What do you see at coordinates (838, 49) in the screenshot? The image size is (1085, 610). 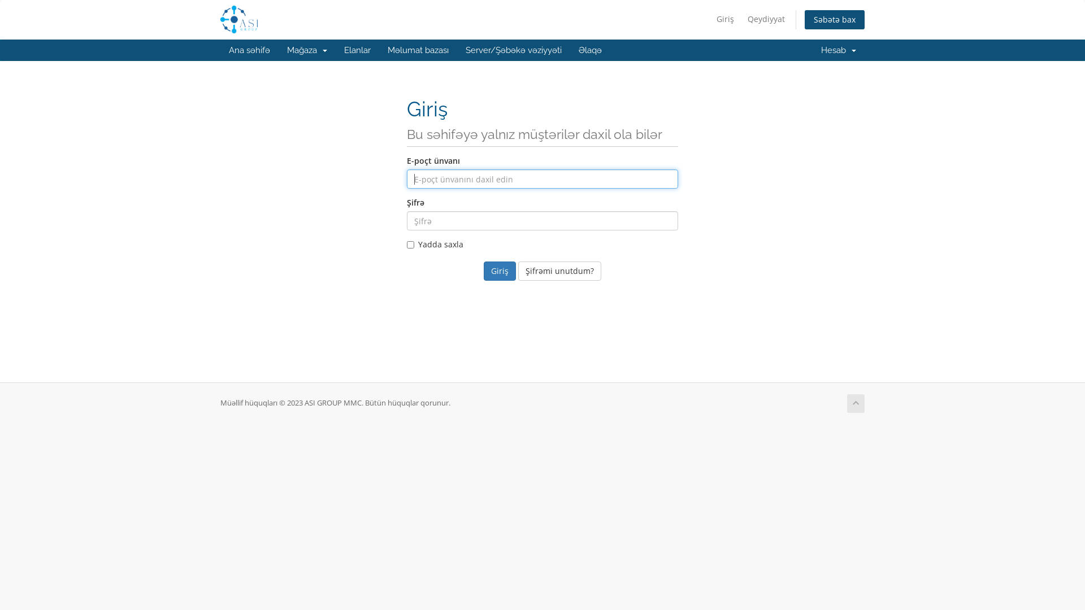 I see `'Hesab  '` at bounding box center [838, 49].